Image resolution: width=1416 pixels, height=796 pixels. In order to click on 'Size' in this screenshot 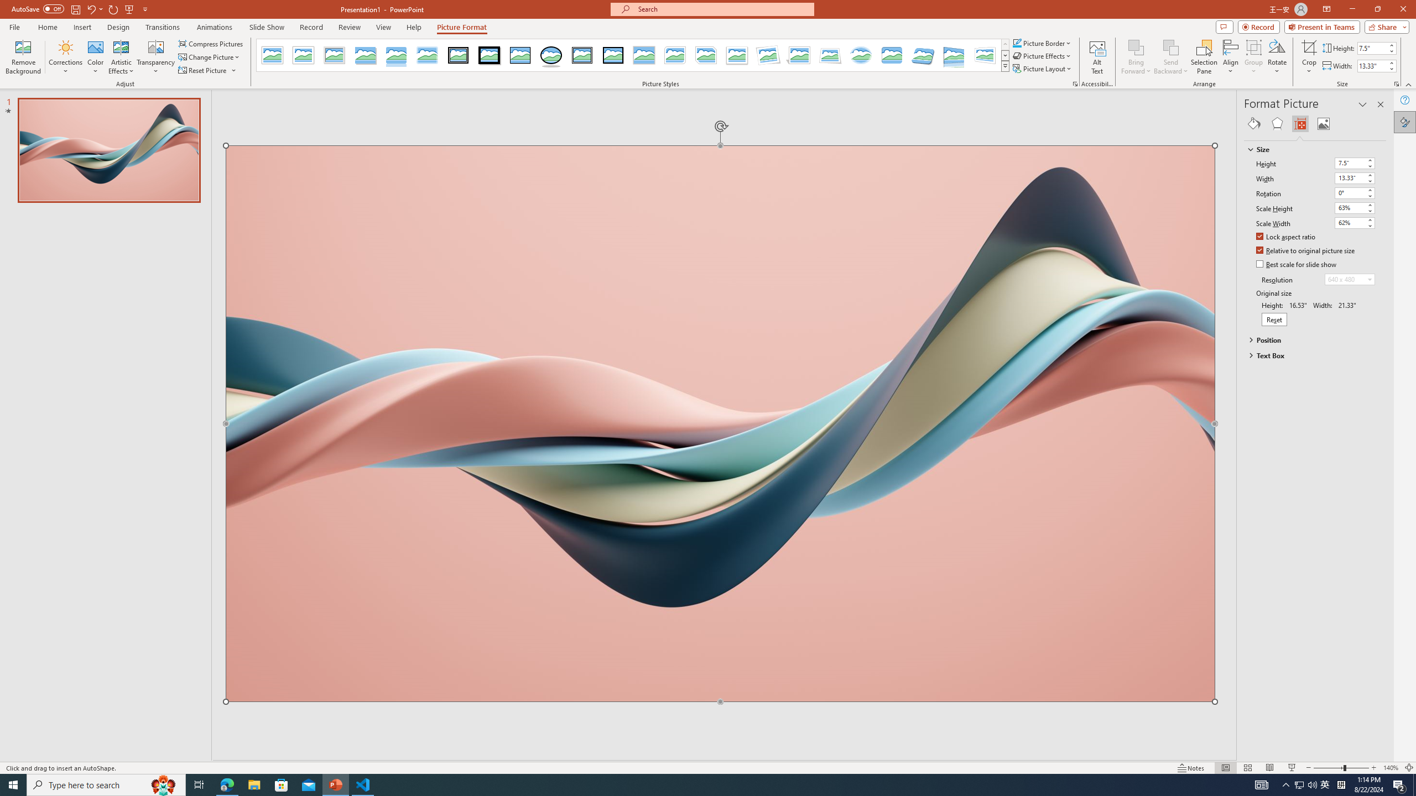, I will do `click(1310, 149)`.